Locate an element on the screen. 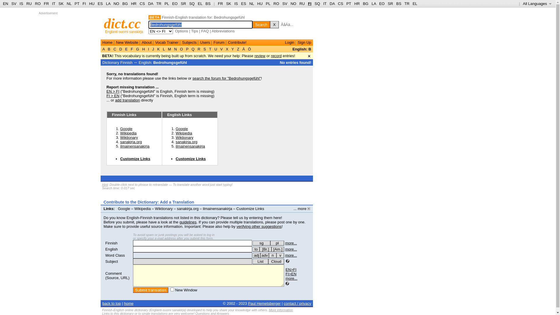 Image resolution: width=560 pixels, height=315 pixels. 'TR' is located at coordinates (156, 3).